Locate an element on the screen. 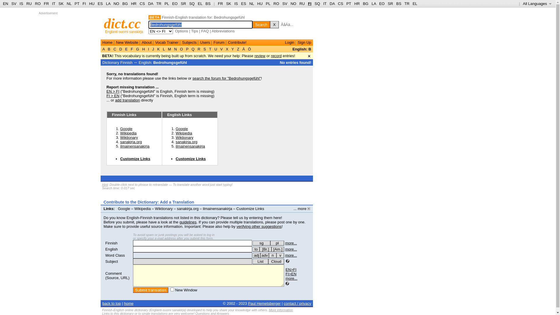 Image resolution: width=560 pixels, height=315 pixels. 'TR' is located at coordinates (156, 3).